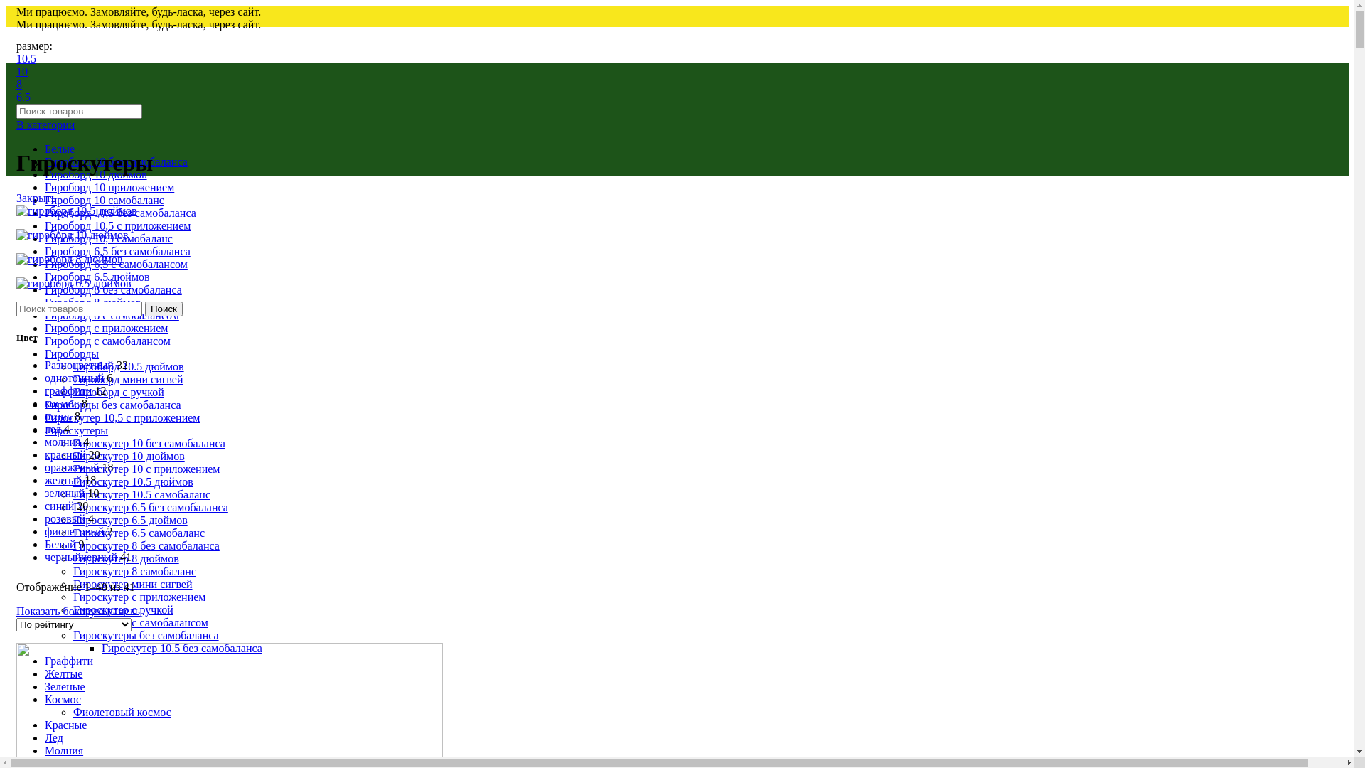 The height and width of the screenshot is (768, 1365). I want to click on '10.5', so click(26, 58).